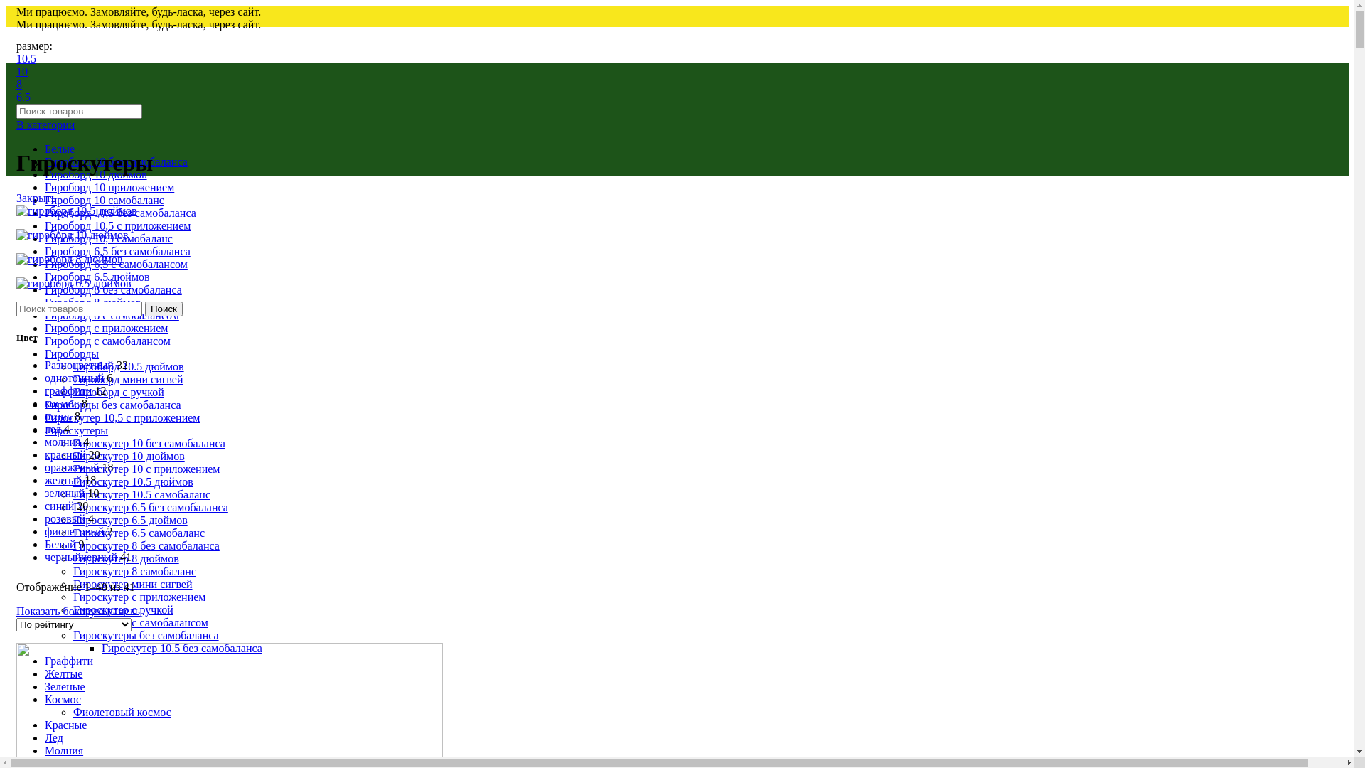 The height and width of the screenshot is (768, 1365). I want to click on '10.5', so click(26, 58).